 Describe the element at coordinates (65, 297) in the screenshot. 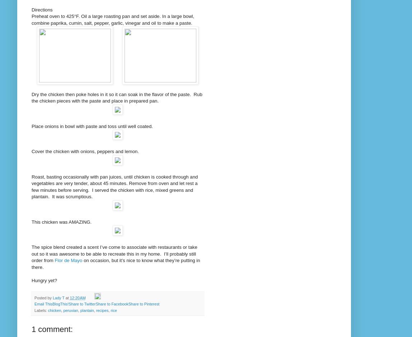

I see `'at'` at that location.